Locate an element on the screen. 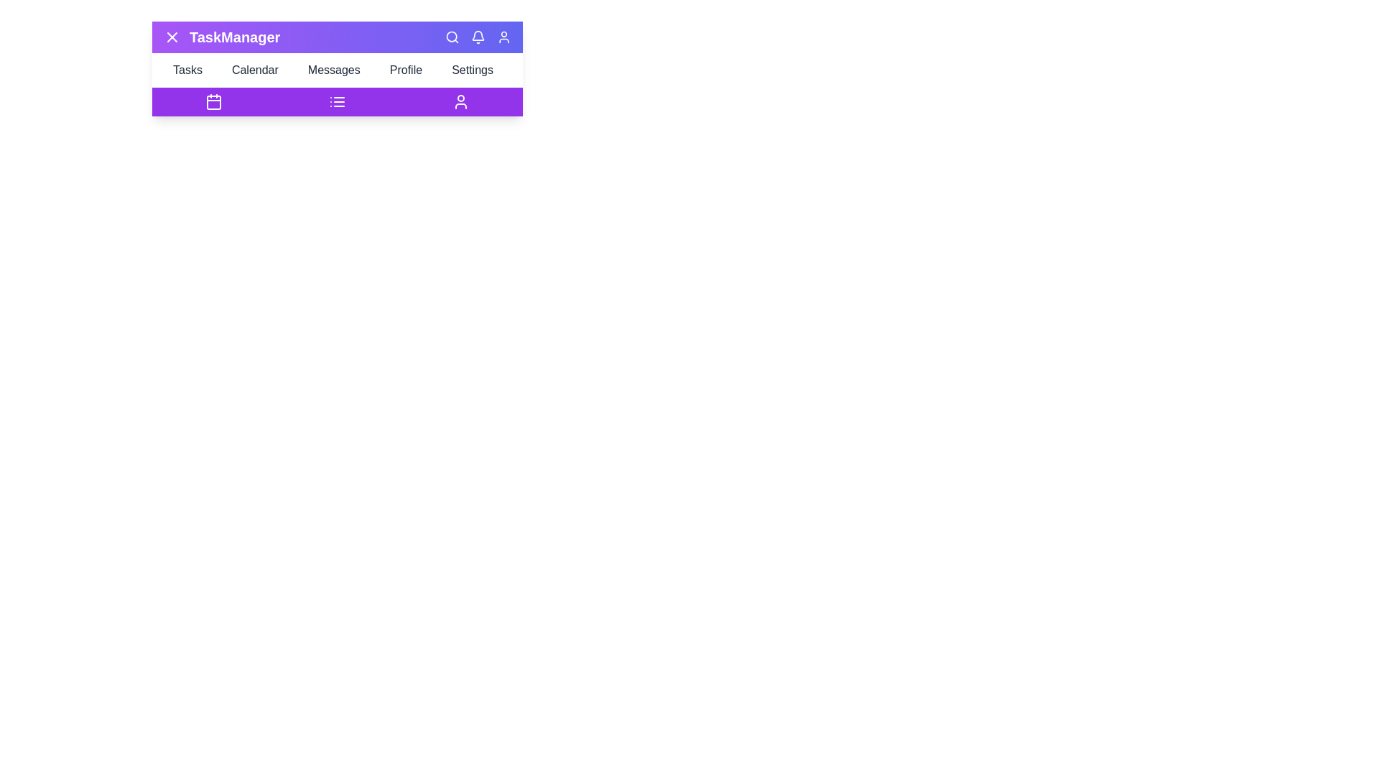  the Messages from the navigation bar is located at coordinates (337, 70).